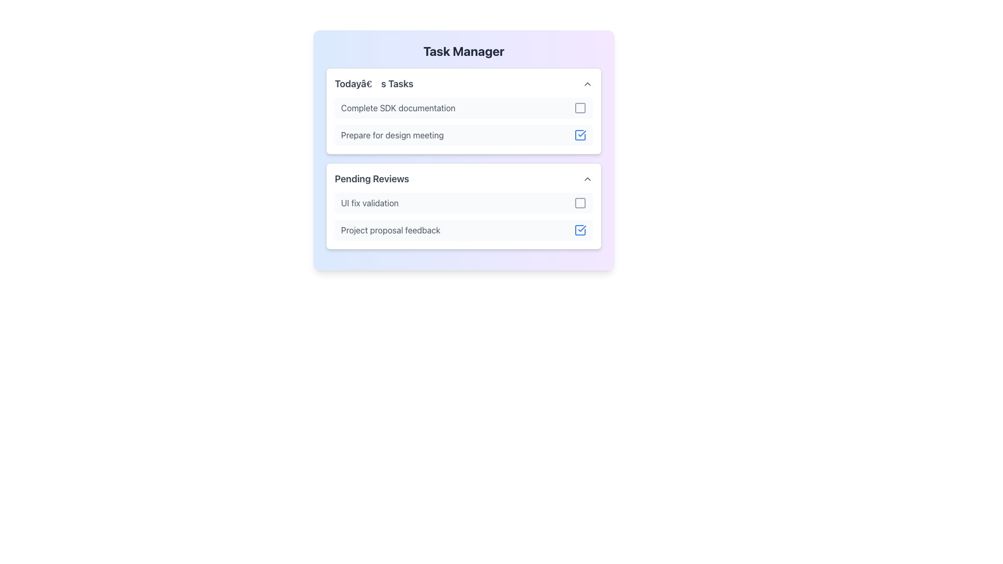  Describe the element at coordinates (463, 203) in the screenshot. I see `the topmost task item in the 'Pending Reviews' section that contains a checkbox` at that location.